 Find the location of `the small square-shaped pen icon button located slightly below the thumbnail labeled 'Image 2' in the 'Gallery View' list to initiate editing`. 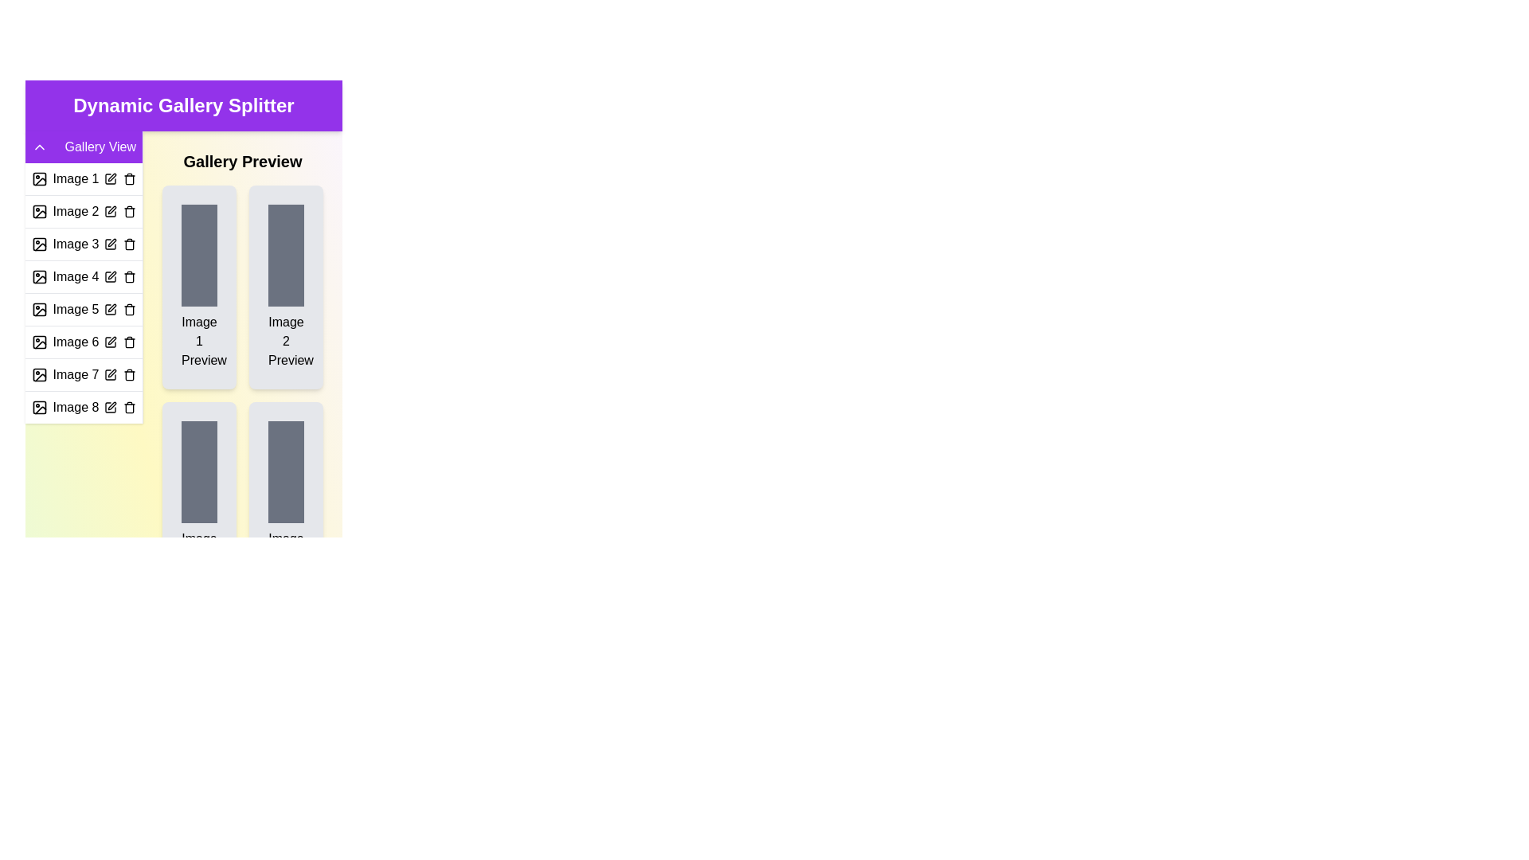

the small square-shaped pen icon button located slightly below the thumbnail labeled 'Image 2' in the 'Gallery View' list to initiate editing is located at coordinates (110, 211).